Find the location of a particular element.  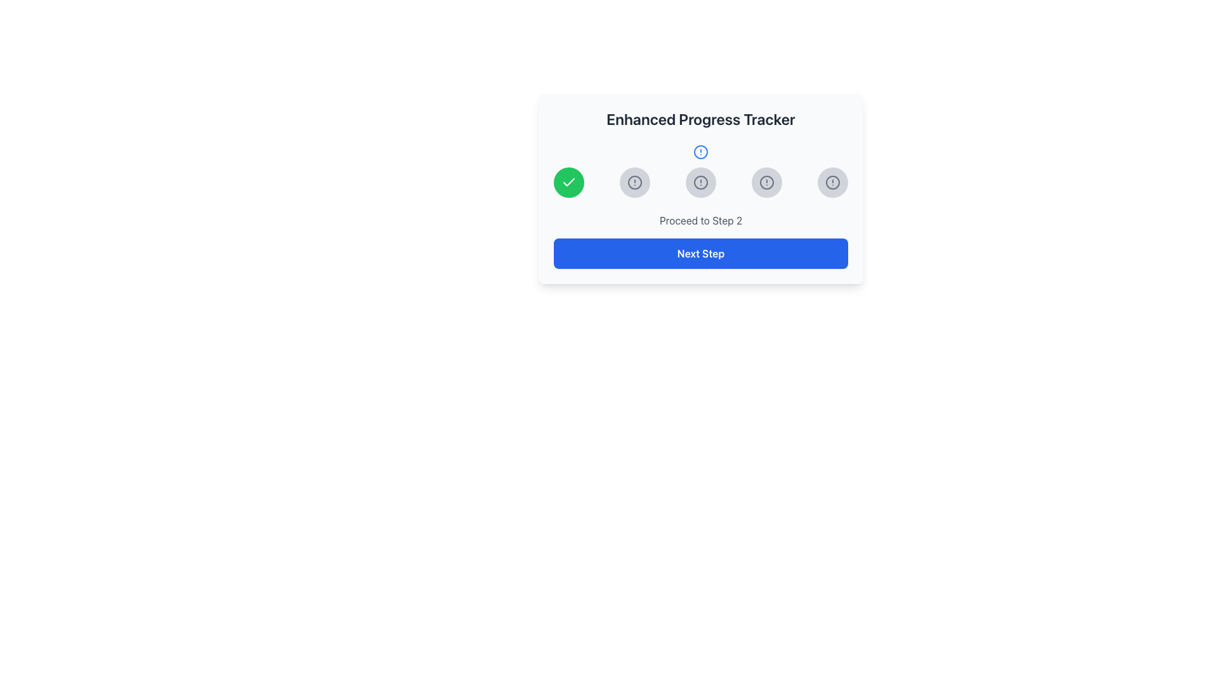

the Status Indicator Icon, which visually indicates a pending state in the progress tracker interface, positioned below the heading 'Enhanced Progress Tracker' is located at coordinates (700, 188).